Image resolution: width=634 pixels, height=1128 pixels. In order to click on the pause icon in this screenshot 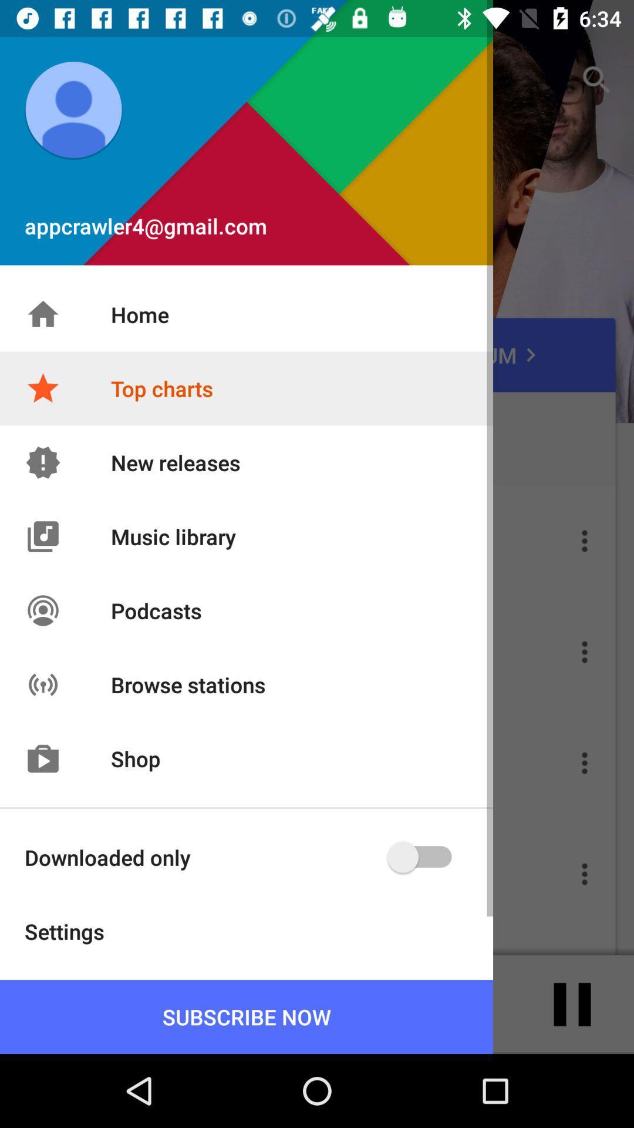, I will do `click(572, 1003)`.